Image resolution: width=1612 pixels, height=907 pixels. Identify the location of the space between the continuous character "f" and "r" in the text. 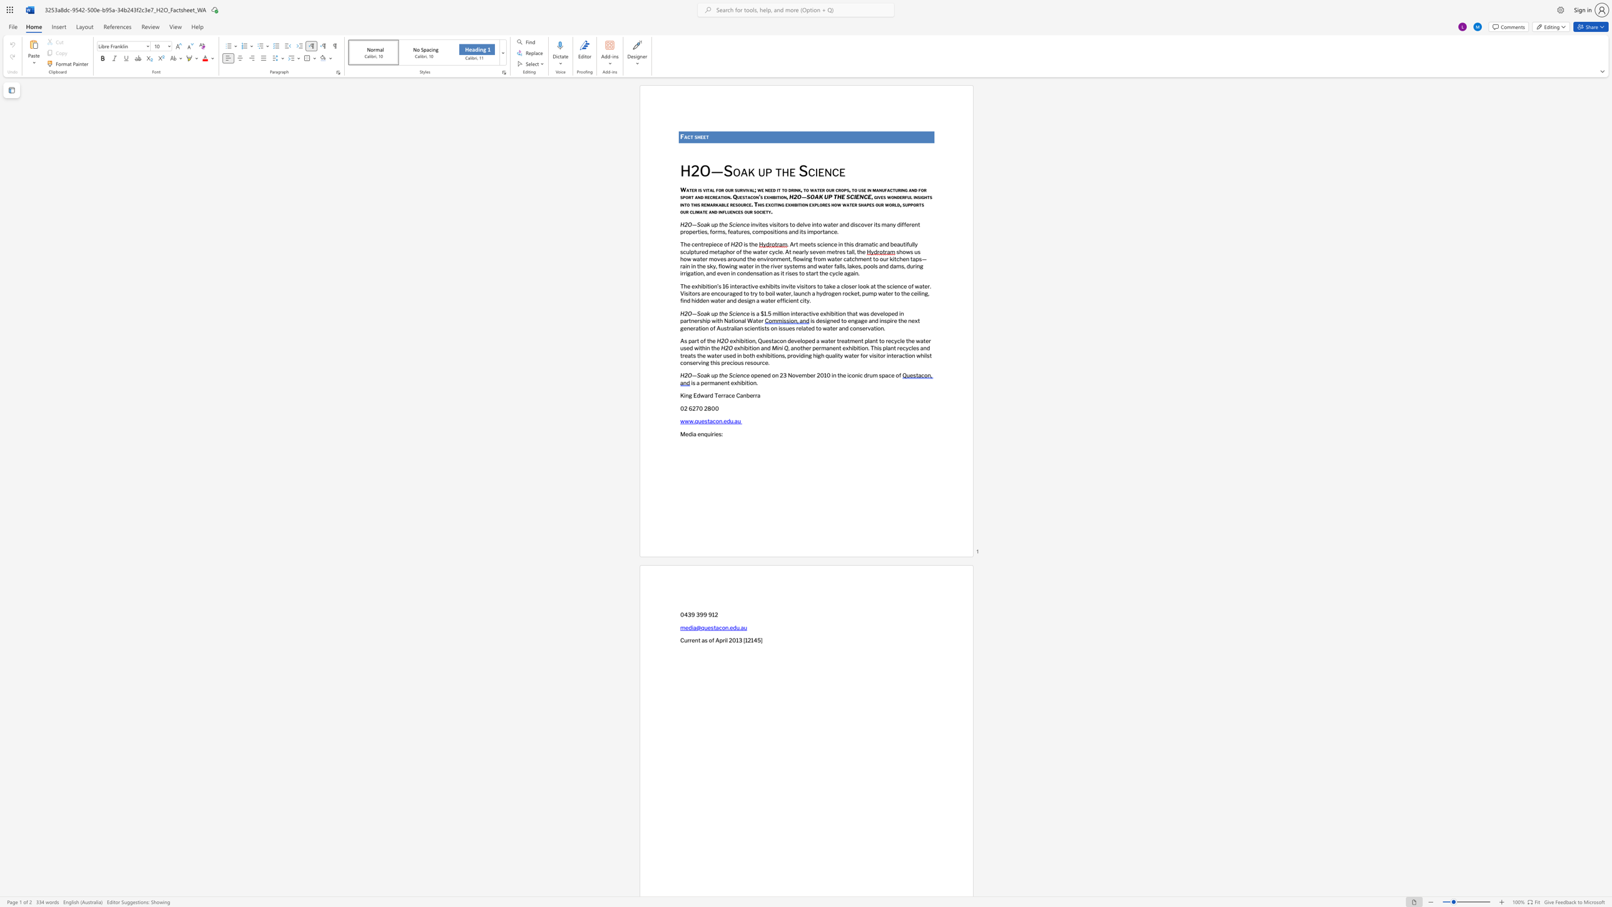
(815, 259).